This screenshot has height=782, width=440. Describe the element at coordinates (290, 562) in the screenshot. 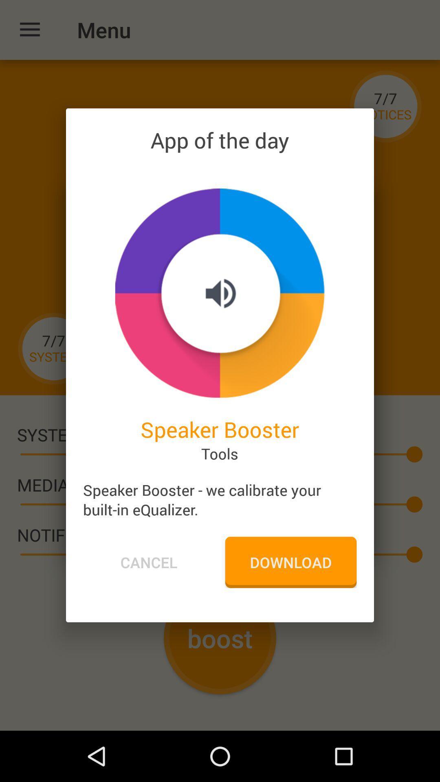

I see `the icon next to the cancel icon` at that location.